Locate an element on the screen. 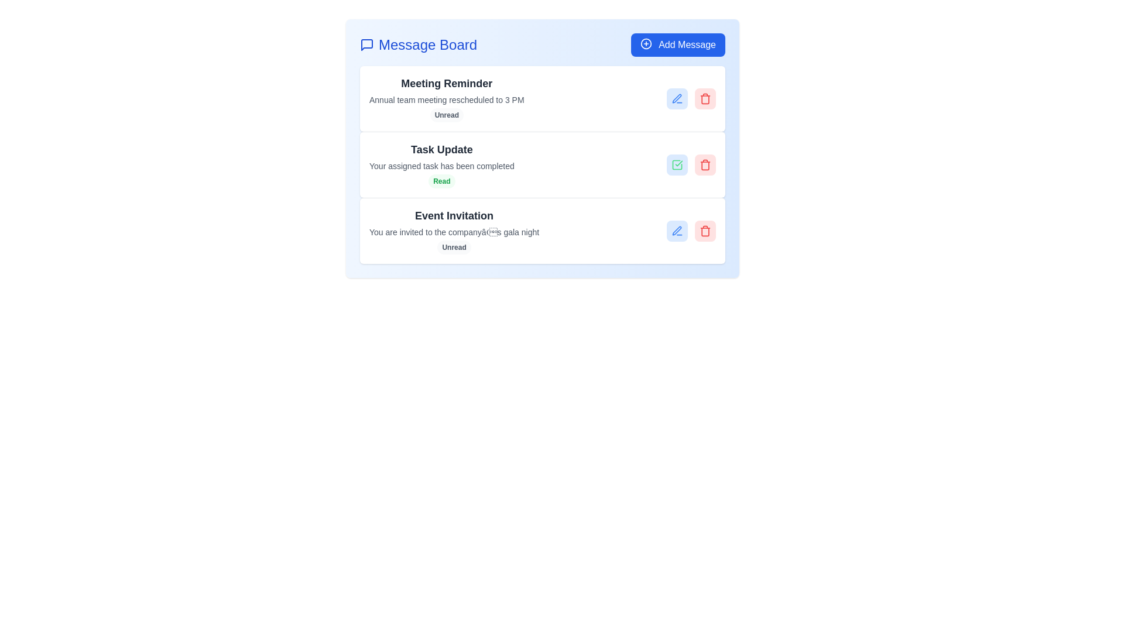  the confirmation button with an icon located within the 'Task Update' message on the message board to mark the task as completed is located at coordinates (677, 164).